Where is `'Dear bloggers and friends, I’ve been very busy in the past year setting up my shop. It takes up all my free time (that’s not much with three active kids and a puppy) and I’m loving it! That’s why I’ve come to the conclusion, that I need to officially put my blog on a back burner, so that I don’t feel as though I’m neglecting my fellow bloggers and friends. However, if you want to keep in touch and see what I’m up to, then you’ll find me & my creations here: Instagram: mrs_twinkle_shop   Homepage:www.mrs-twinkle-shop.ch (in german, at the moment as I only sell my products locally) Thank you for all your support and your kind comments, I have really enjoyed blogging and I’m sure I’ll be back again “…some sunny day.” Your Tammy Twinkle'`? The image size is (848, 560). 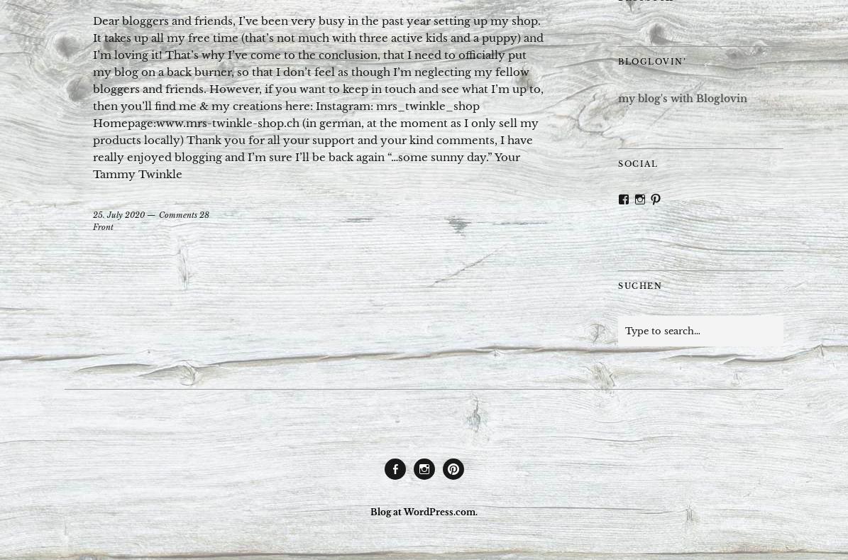 'Dear bloggers and friends, I’ve been very busy in the past year setting up my shop. It takes up all my free time (that’s not much with three active kids and a puppy) and I’m loving it! That’s why I’ve come to the conclusion, that I need to officially put my blog on a back burner, so that I don’t feel as though I’m neglecting my fellow bloggers and friends. However, if you want to keep in touch and see what I’m up to, then you’ll find me & my creations here: Instagram: mrs_twinkle_shop   Homepage:www.mrs-twinkle-shop.ch (in german, at the moment as I only sell my products locally) Thank you for all your support and your kind comments, I have really enjoyed blogging and I’m sure I’ll be back again “…some sunny day.” Your Tammy Twinkle' is located at coordinates (318, 97).